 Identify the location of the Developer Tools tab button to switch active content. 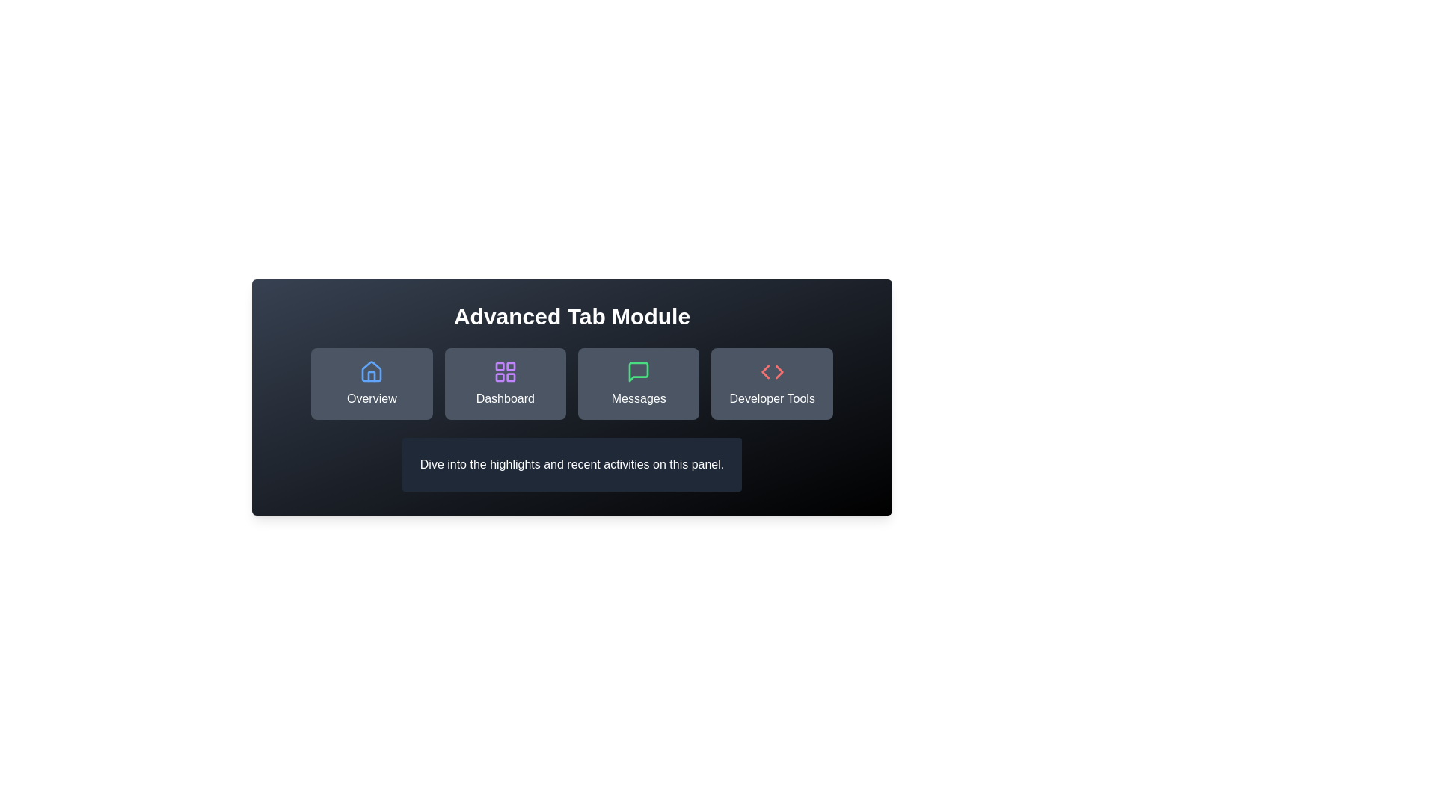
(772, 383).